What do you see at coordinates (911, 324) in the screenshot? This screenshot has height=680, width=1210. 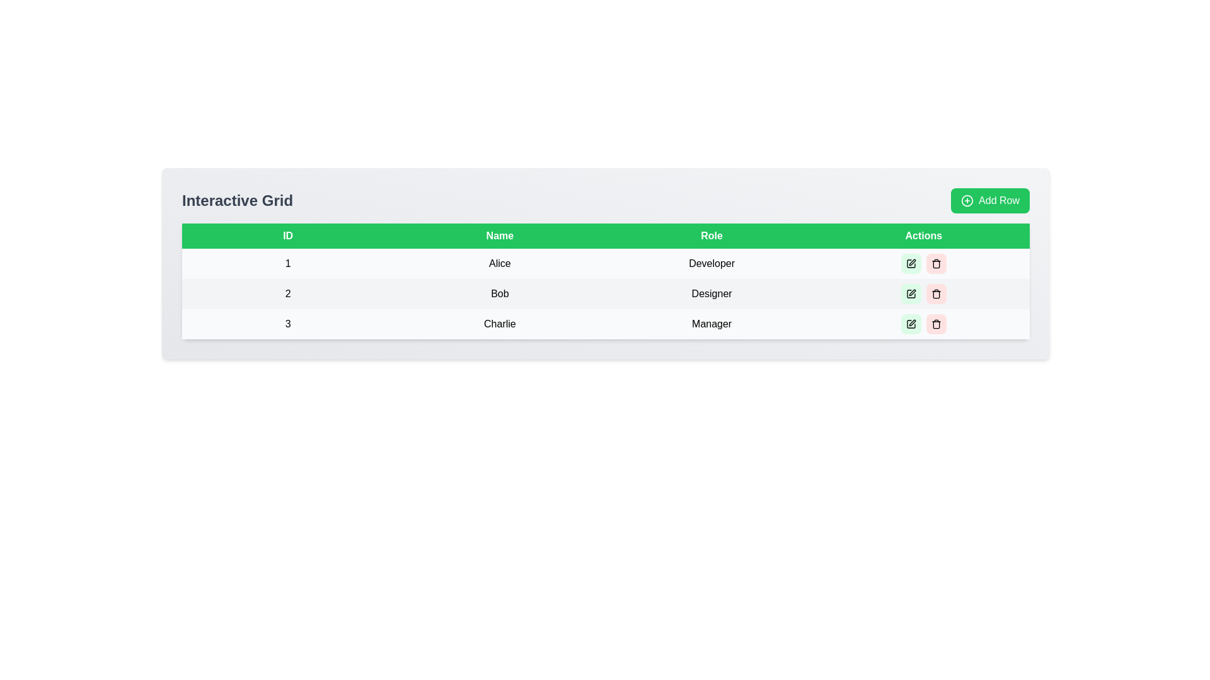 I see `the first button in the 'Actions' column of the 'Interactive Grid' table corresponding to the 'Manager' role` at bounding box center [911, 324].